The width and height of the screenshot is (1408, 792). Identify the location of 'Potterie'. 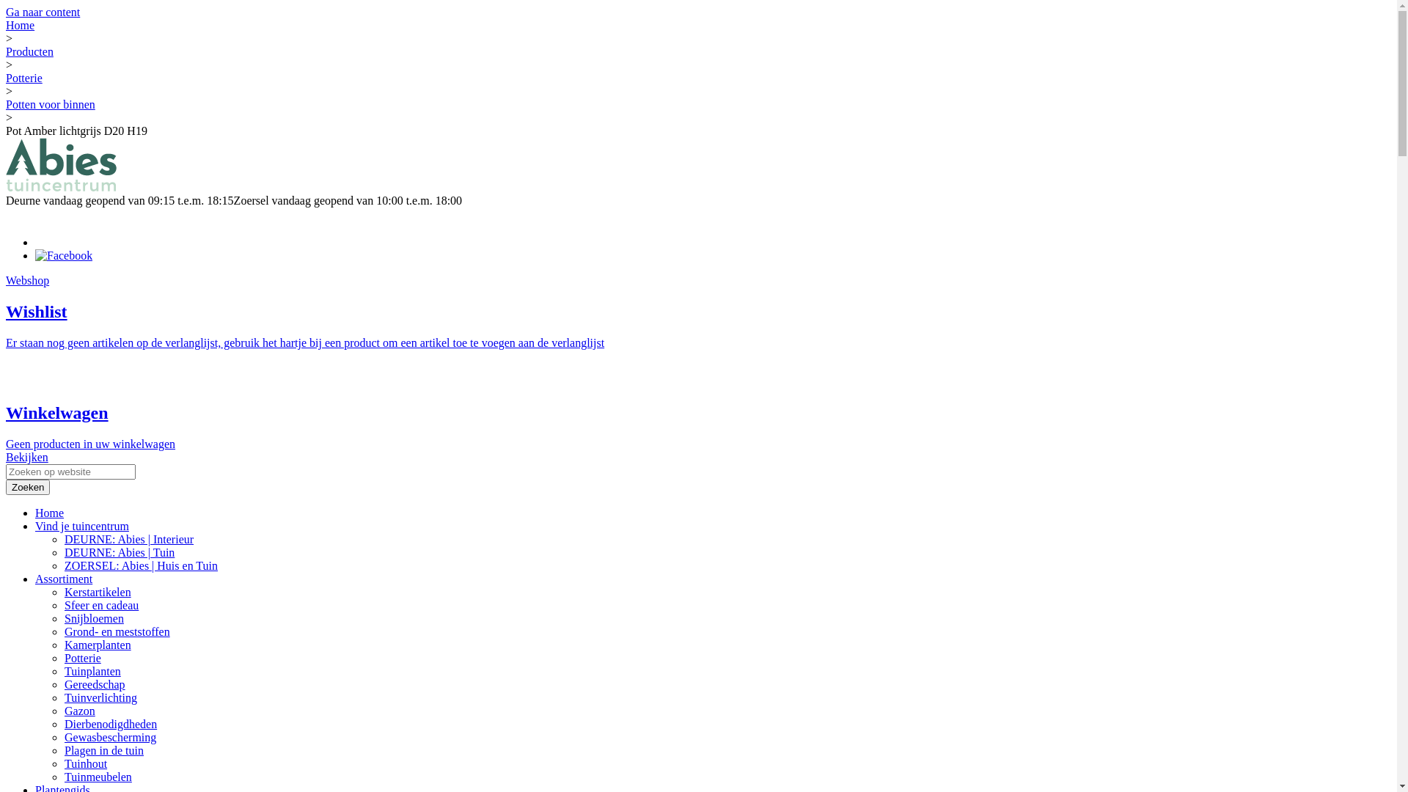
(24, 78).